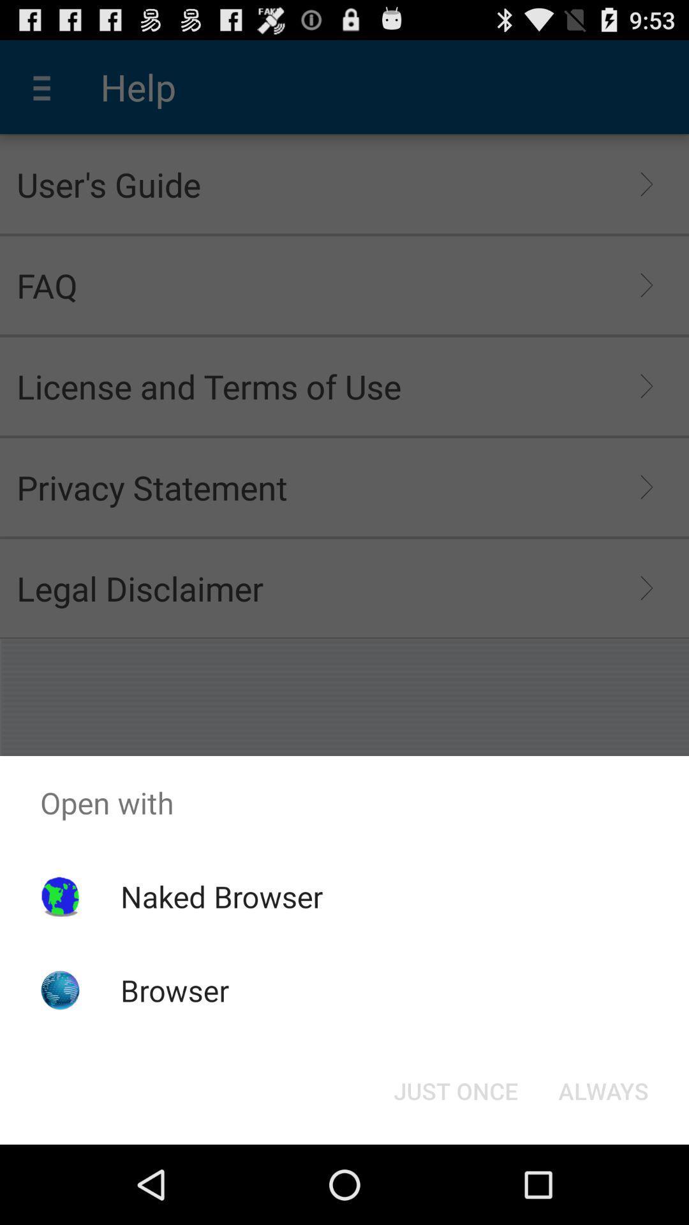 This screenshot has width=689, height=1225. What do you see at coordinates (455, 1090) in the screenshot?
I see `the just once item` at bounding box center [455, 1090].